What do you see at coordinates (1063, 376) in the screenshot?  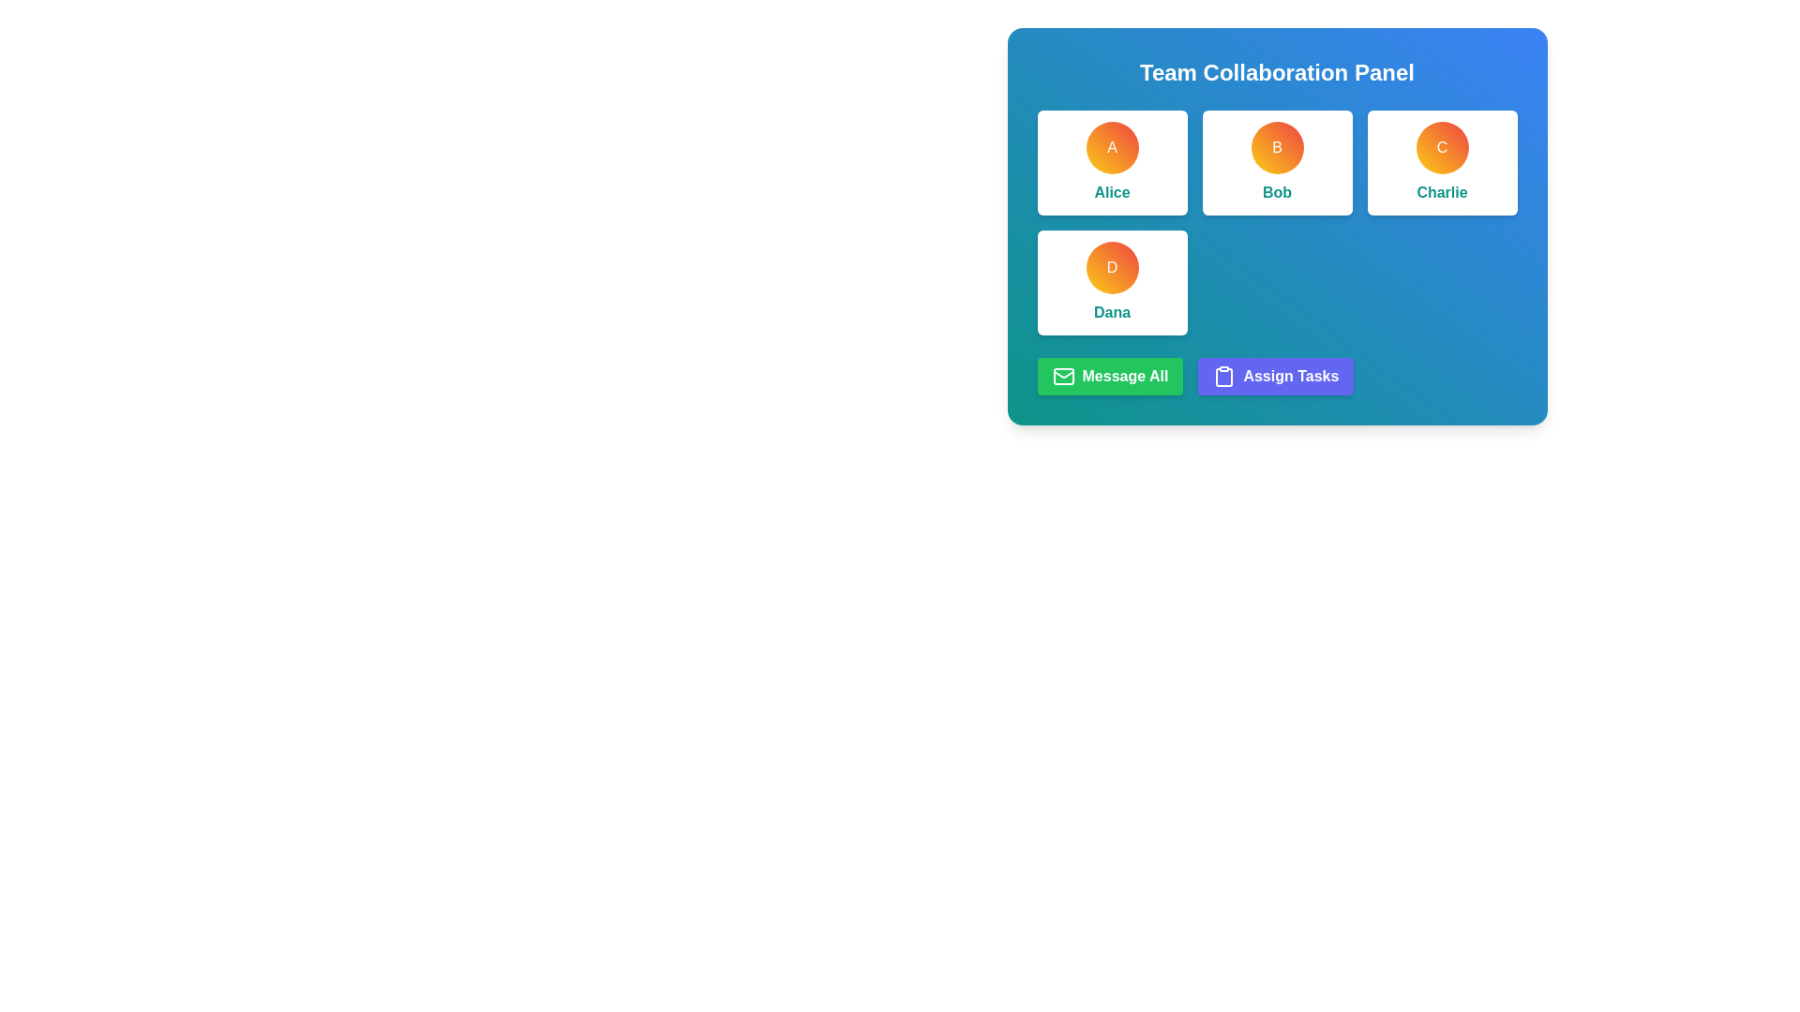 I see `the mail icon, which is a white envelope outline on a green background, located to the left of the 'Message All' button in the Team Collaboration Panel` at bounding box center [1063, 376].